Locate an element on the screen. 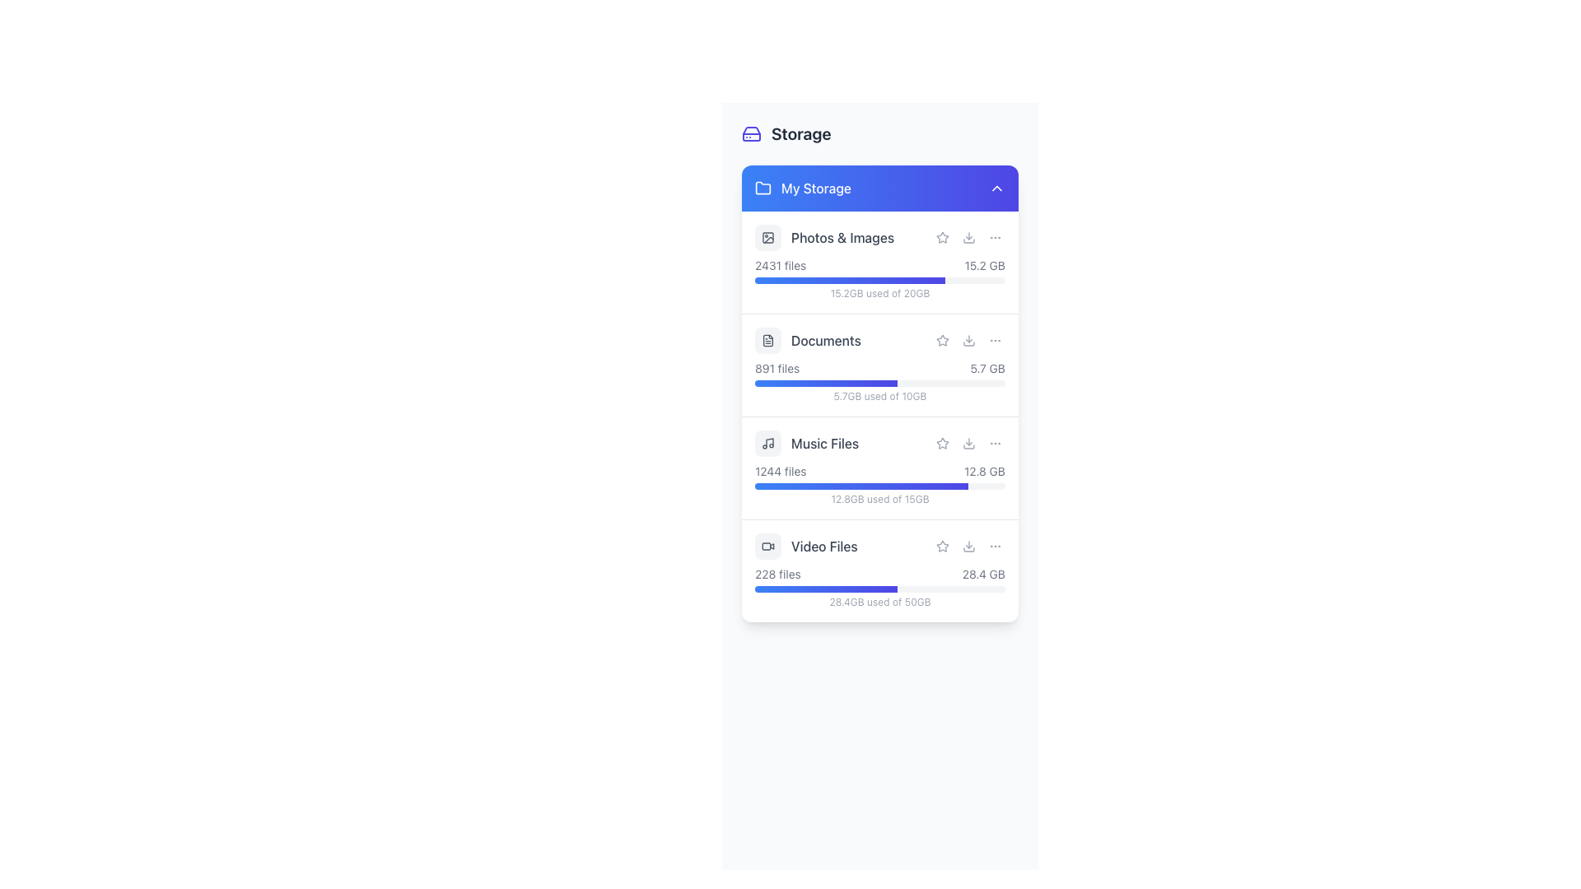 This screenshot has height=889, width=1581. the interactive star icon button located in the 'Music Files' entry to observe its visual hover effect is located at coordinates (943, 443).